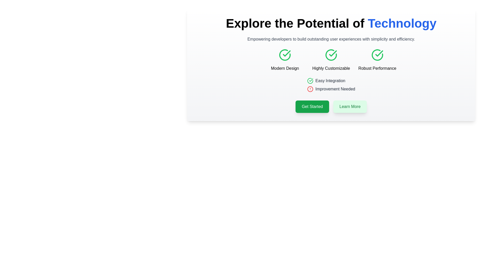  Describe the element at coordinates (285, 68) in the screenshot. I see `the text label that says 'Modern Design', which is located in the center-left section of the interface, below a green checkmark icon` at that location.